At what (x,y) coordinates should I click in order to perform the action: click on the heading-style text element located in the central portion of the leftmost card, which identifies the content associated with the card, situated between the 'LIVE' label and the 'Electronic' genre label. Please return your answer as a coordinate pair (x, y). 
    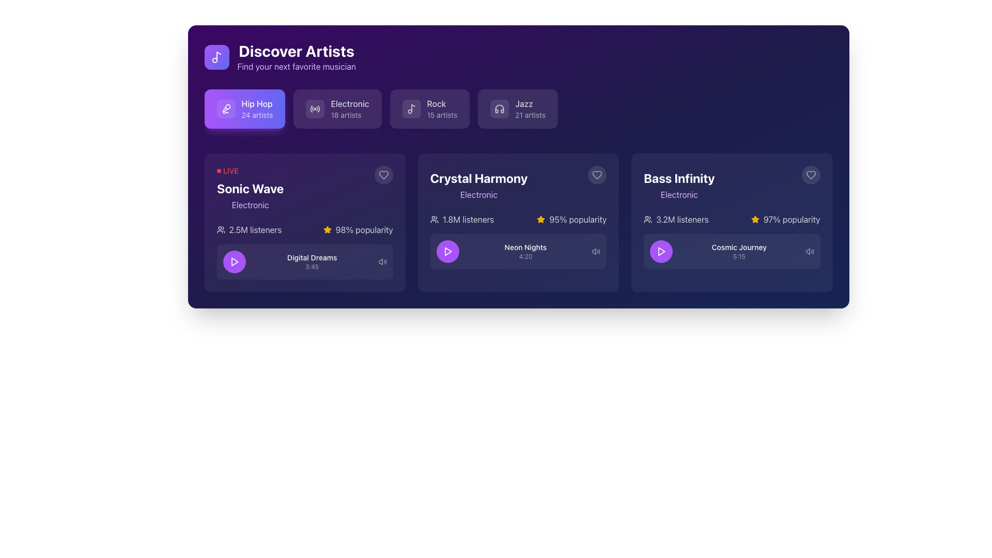
    Looking at the image, I should click on (250, 189).